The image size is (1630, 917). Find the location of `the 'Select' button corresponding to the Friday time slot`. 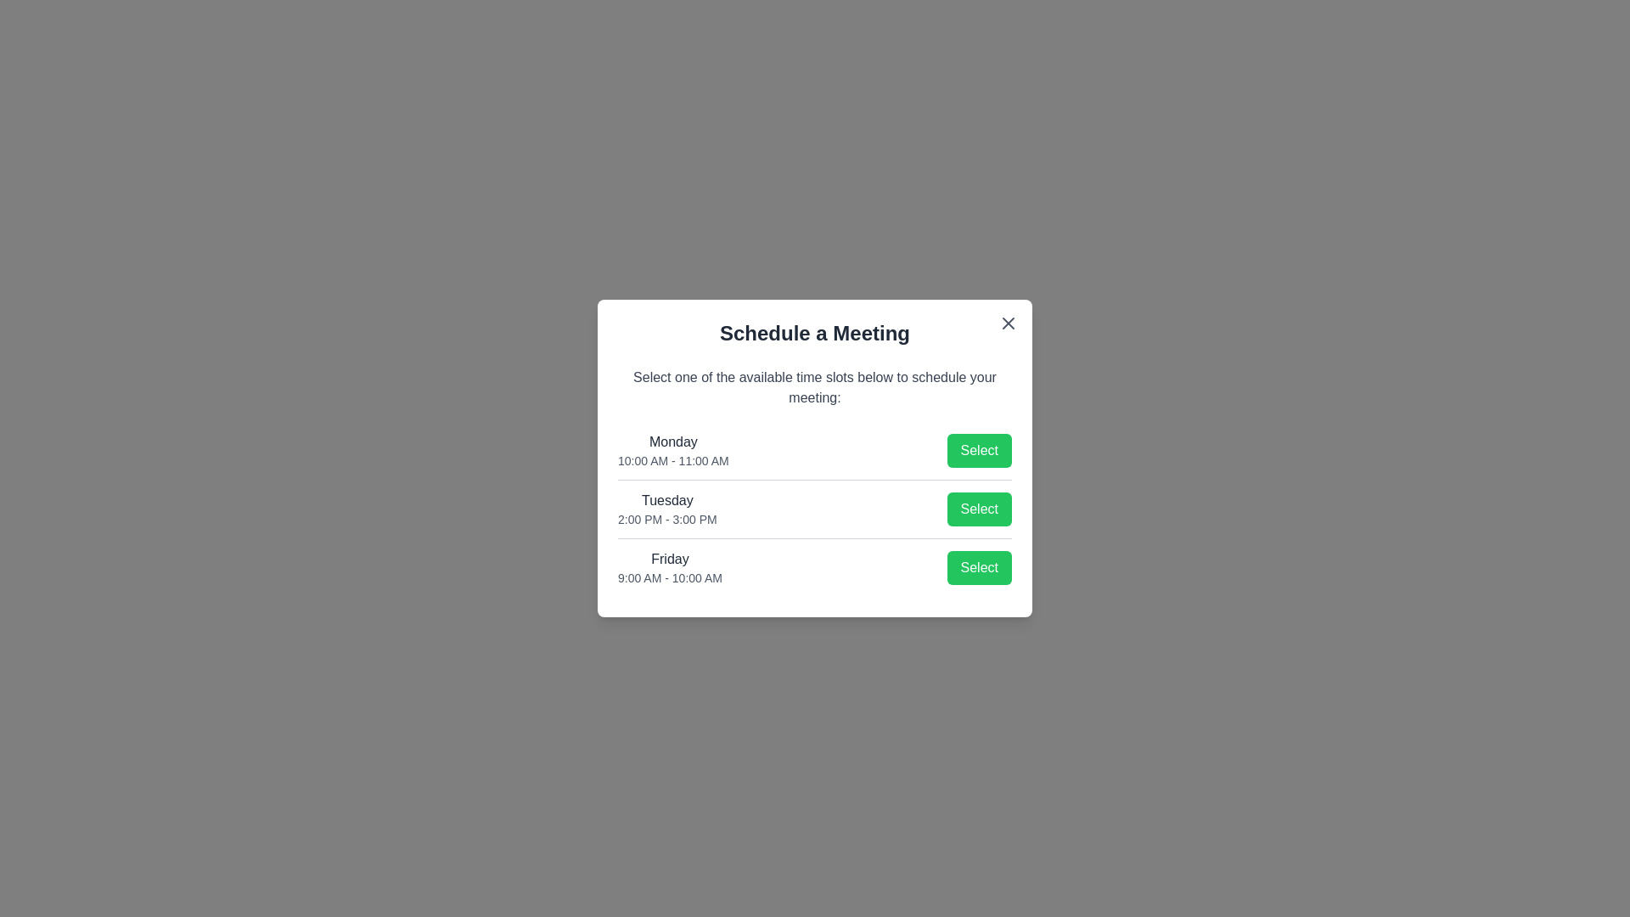

the 'Select' button corresponding to the Friday time slot is located at coordinates (979, 567).